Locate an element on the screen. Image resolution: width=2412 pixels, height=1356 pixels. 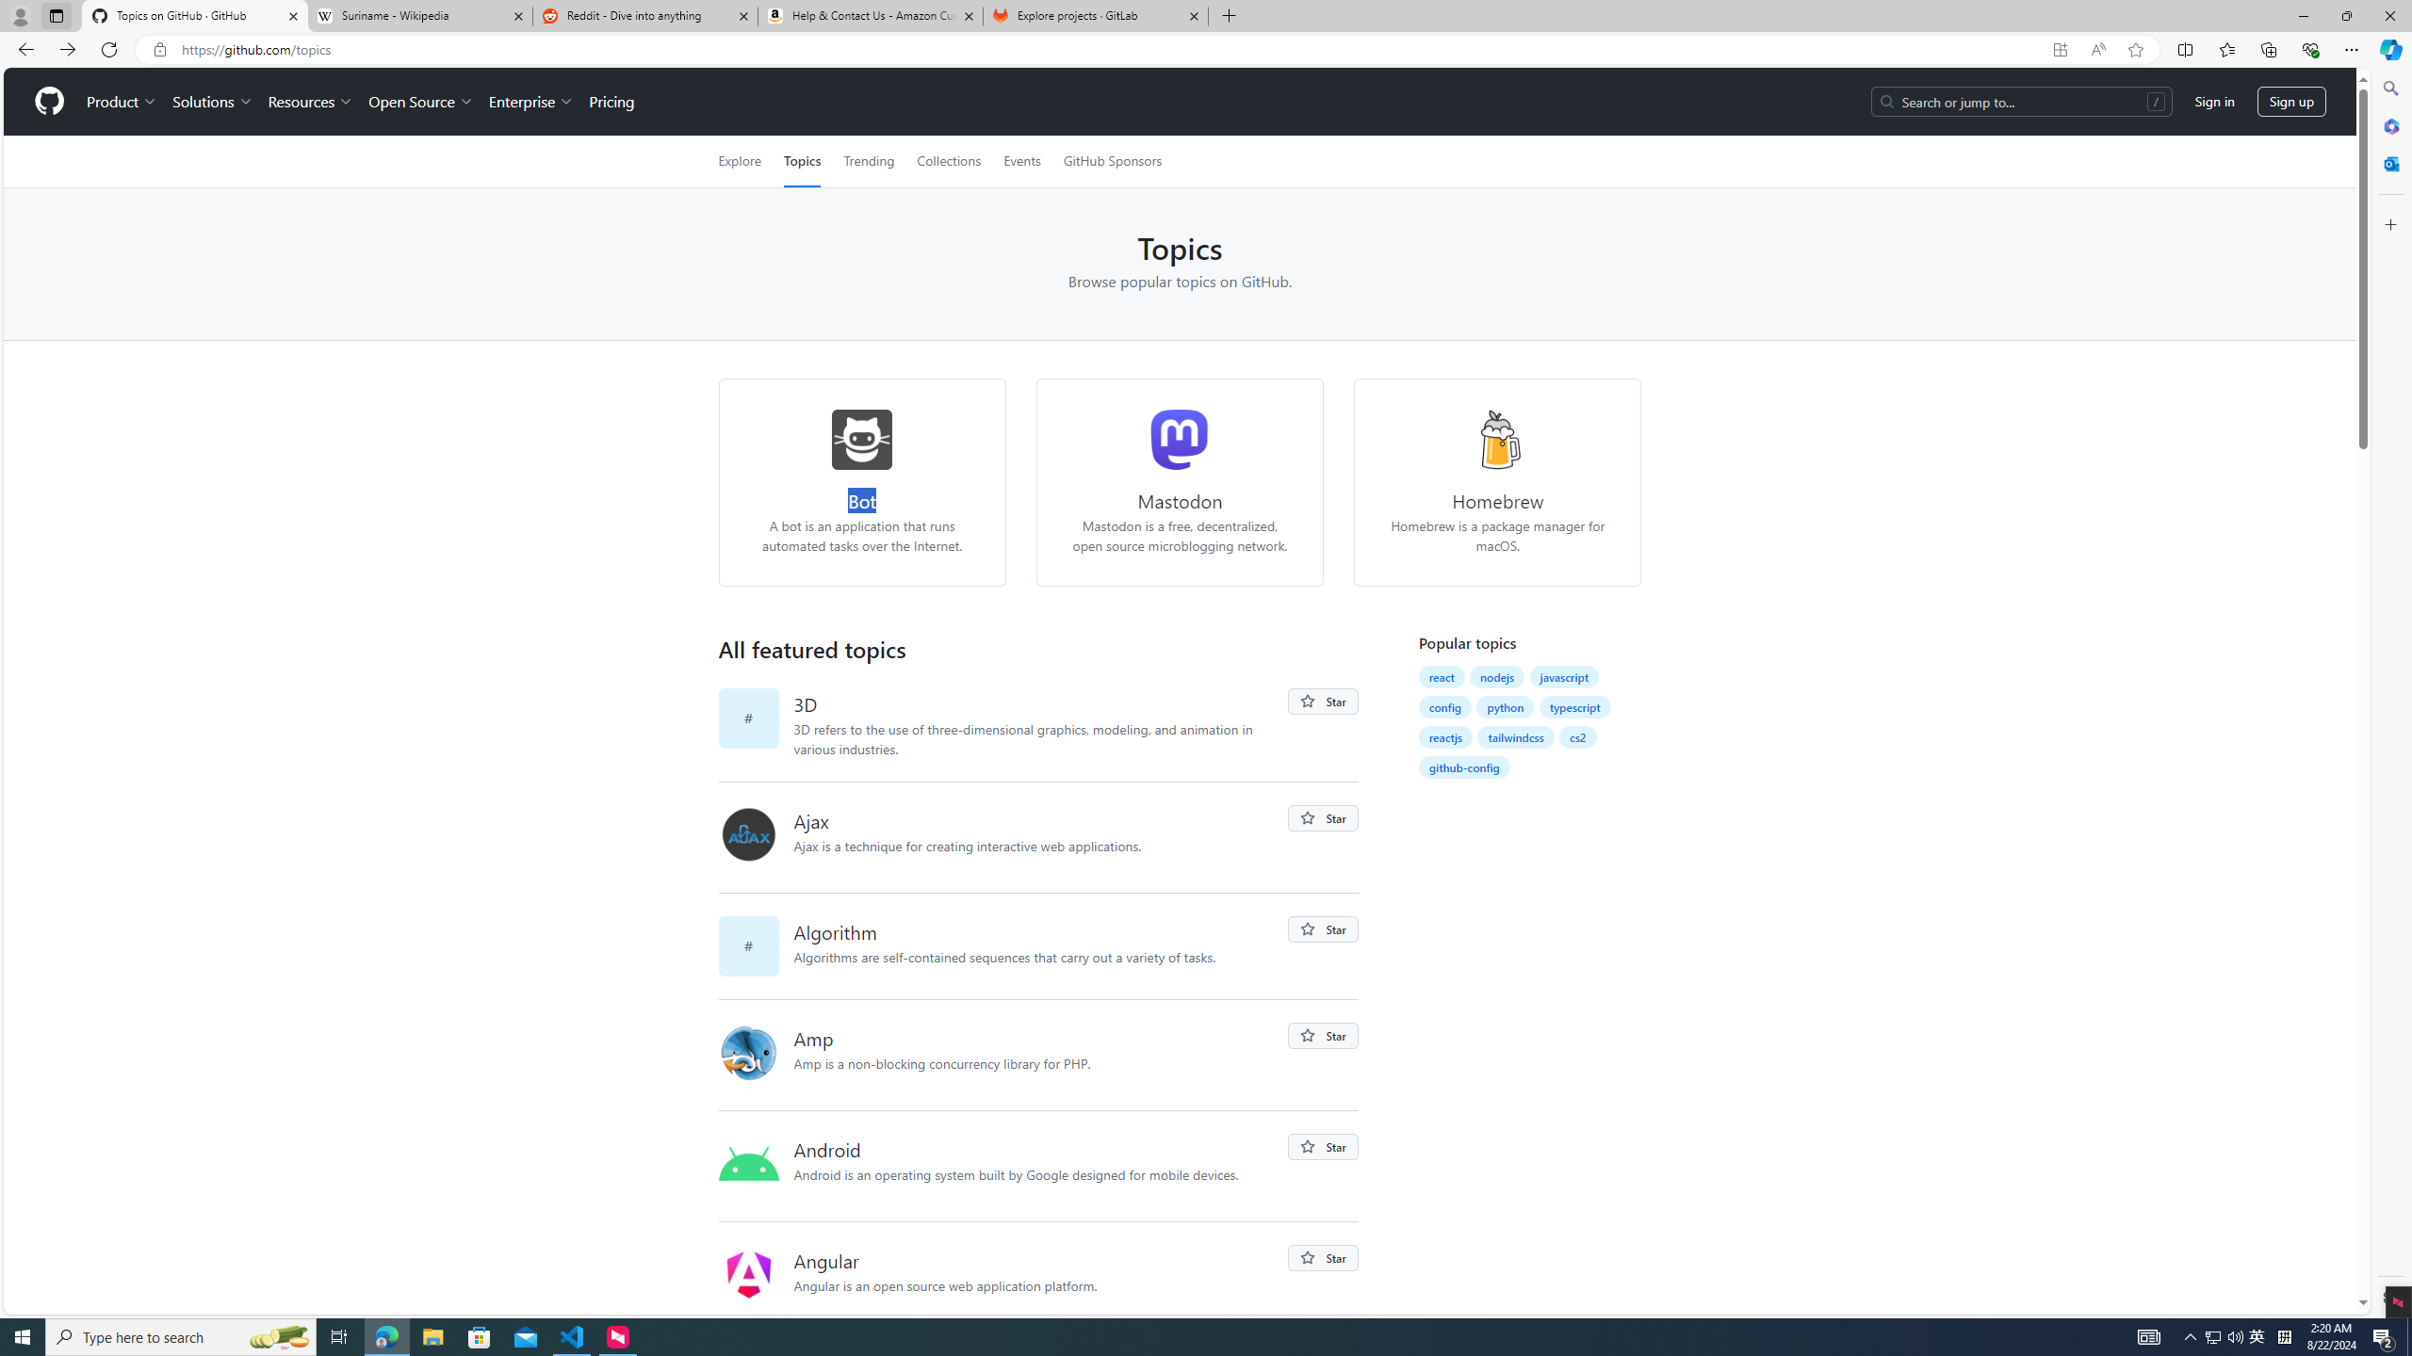
'angular' is located at coordinates (756, 1276).